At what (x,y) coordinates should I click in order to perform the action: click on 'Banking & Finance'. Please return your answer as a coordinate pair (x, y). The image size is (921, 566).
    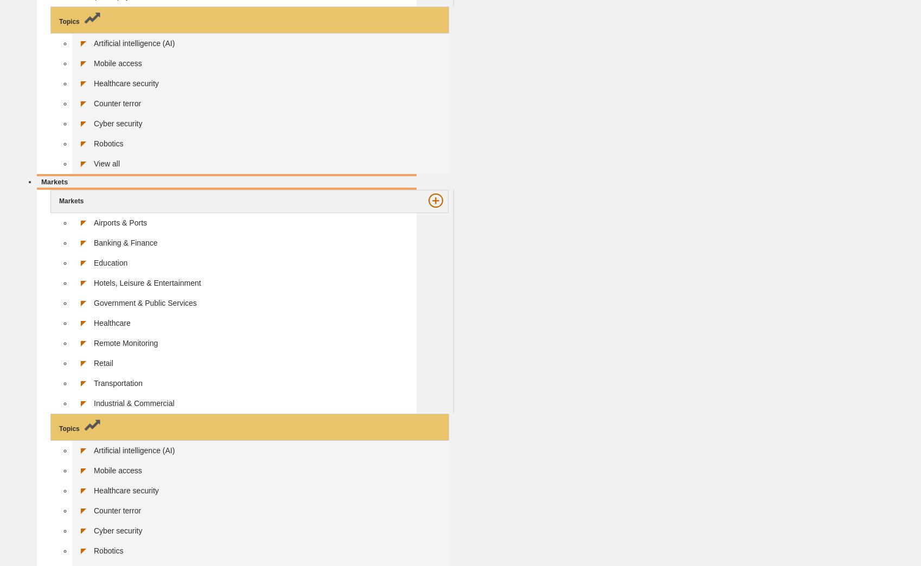
    Looking at the image, I should click on (94, 242).